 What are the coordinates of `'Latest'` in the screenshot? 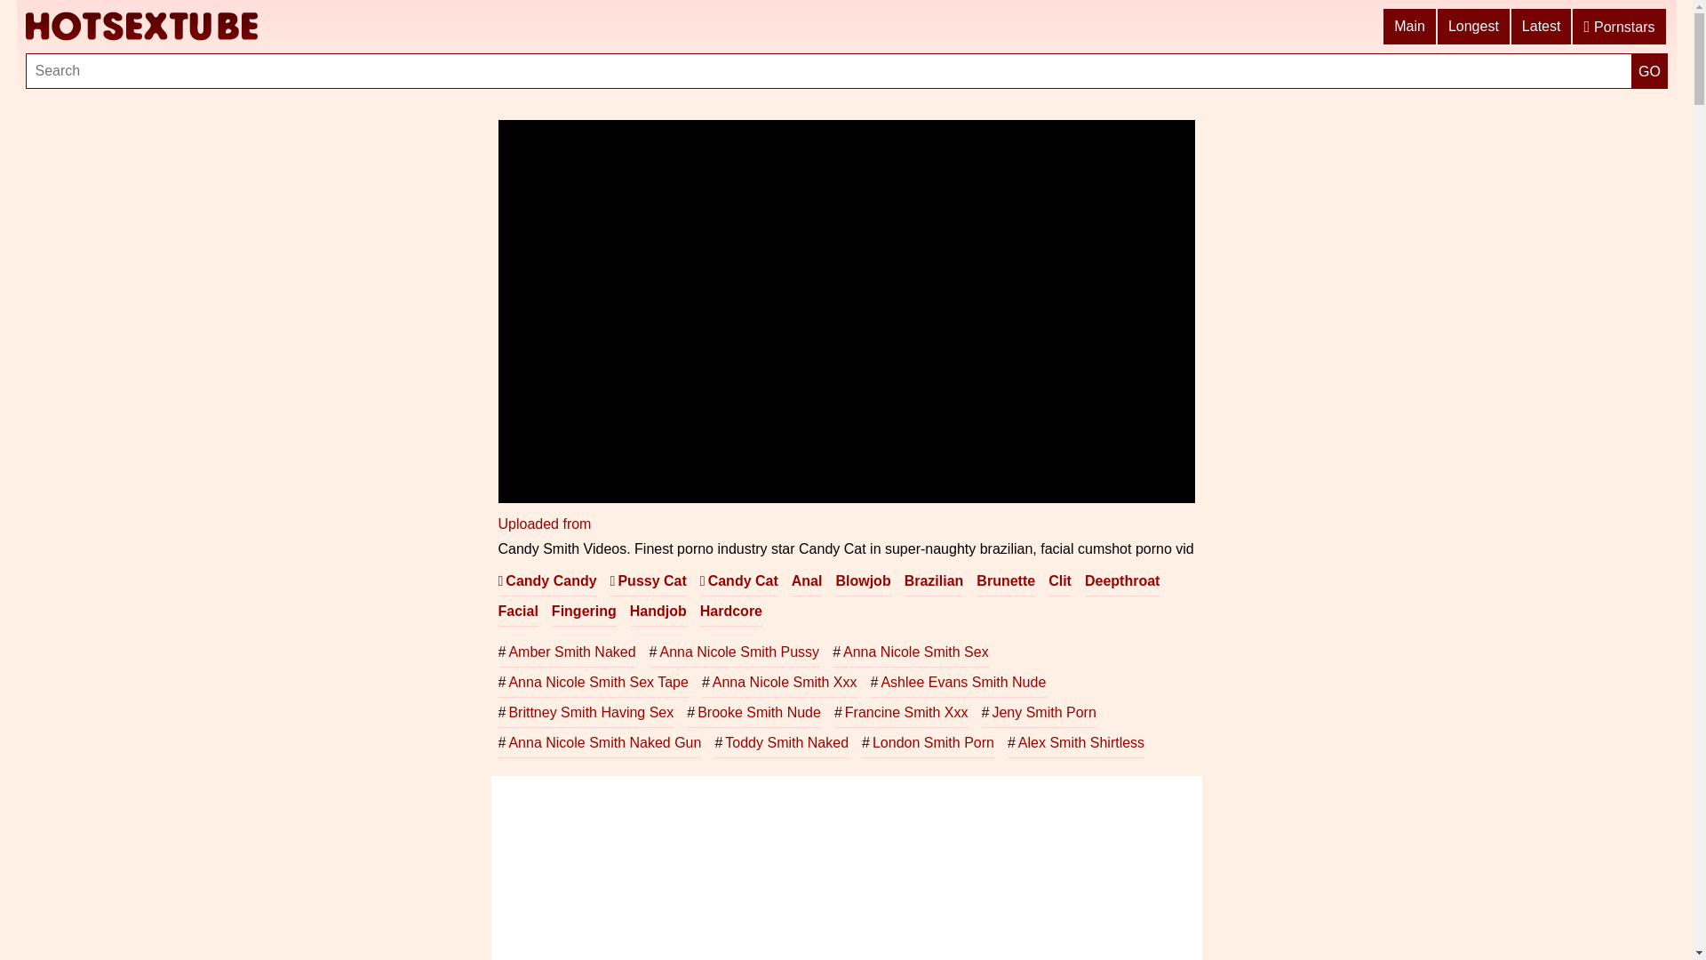 It's located at (1542, 27).